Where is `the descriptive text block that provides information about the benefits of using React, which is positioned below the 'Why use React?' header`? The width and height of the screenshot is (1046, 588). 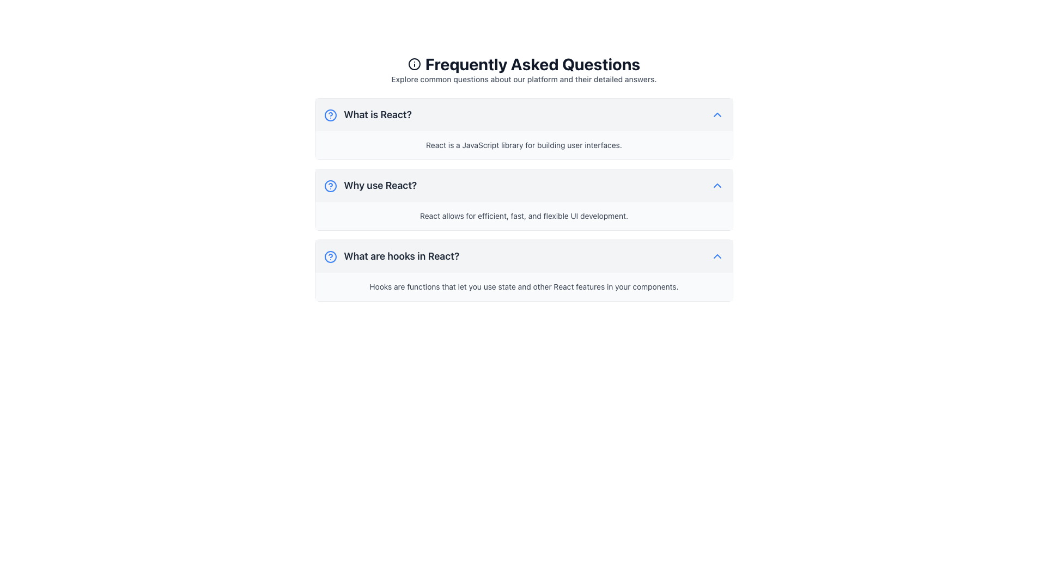
the descriptive text block that provides information about the benefits of using React, which is positioned below the 'Why use React?' header is located at coordinates (524, 216).